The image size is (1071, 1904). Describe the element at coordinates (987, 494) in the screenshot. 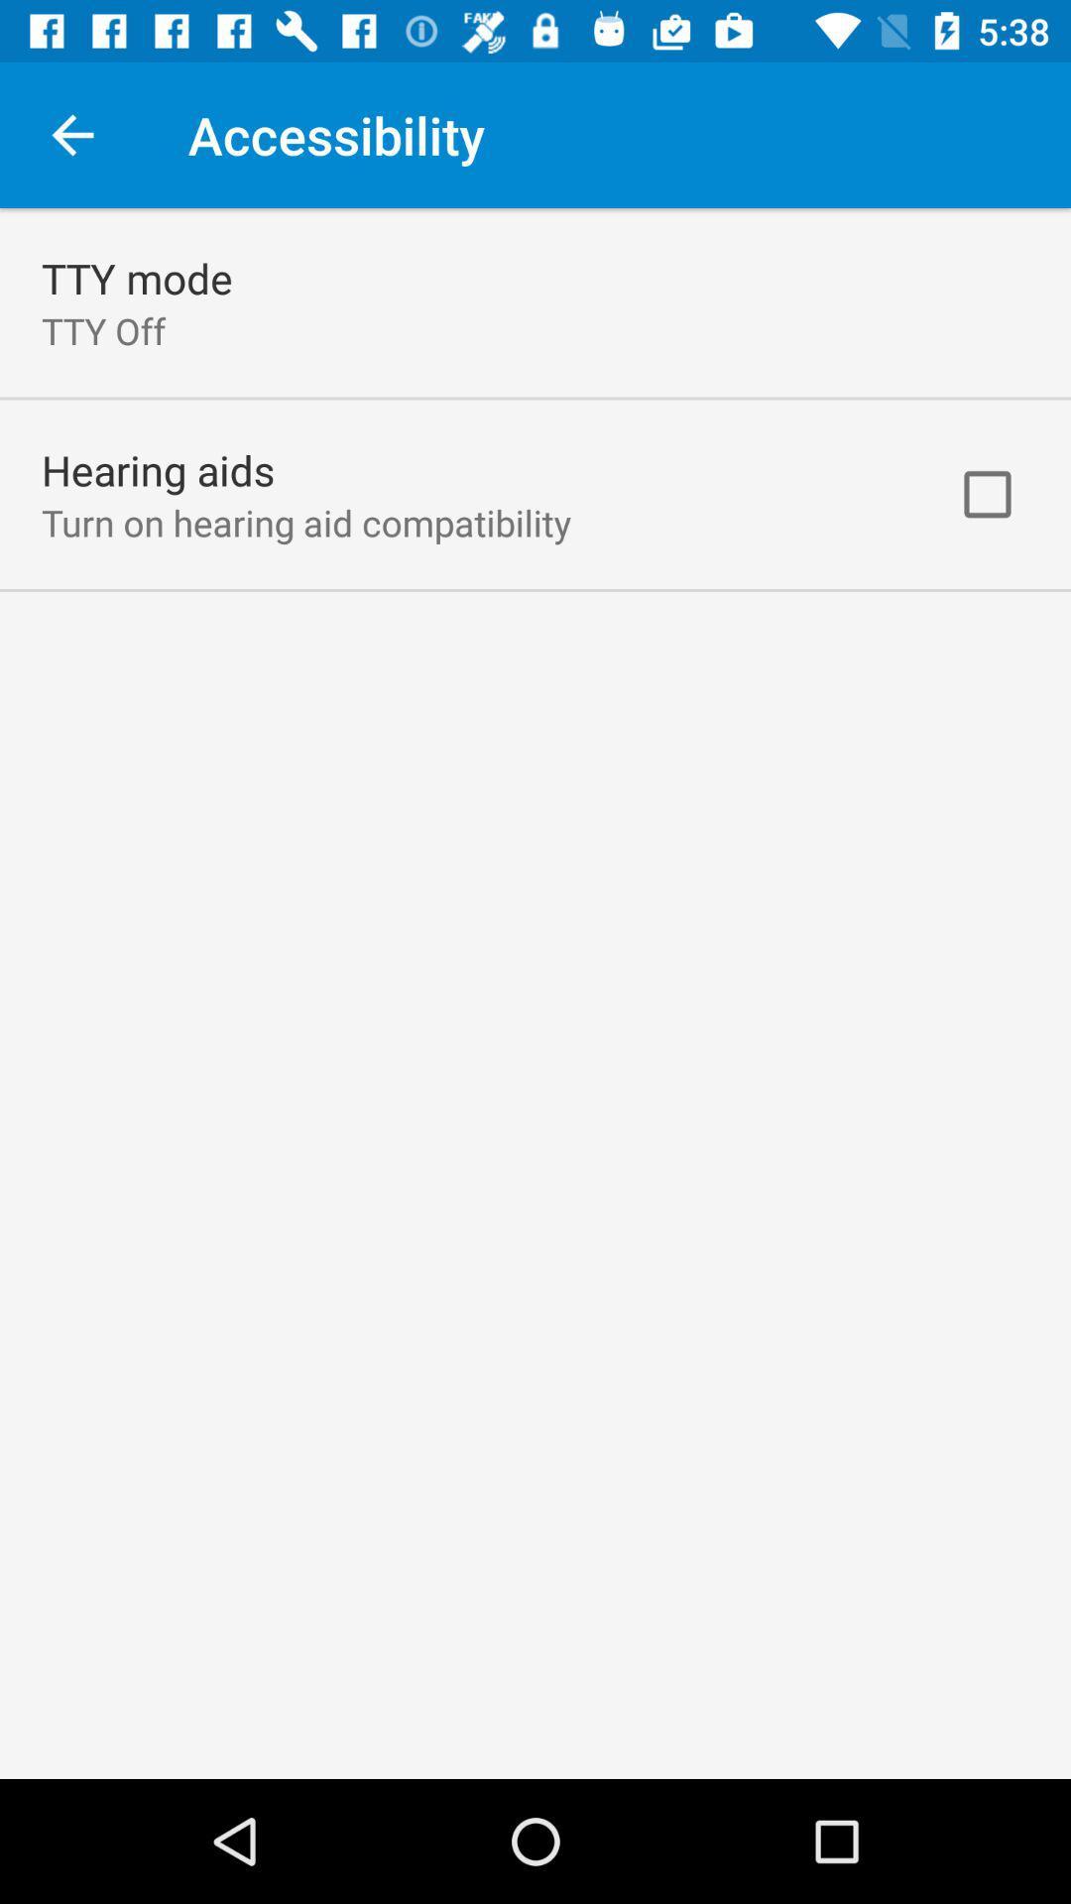

I see `app to the right of turn on hearing icon` at that location.